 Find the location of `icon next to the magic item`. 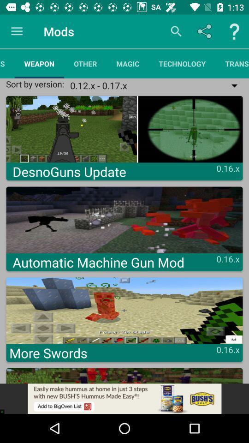

icon next to the magic item is located at coordinates (85, 63).